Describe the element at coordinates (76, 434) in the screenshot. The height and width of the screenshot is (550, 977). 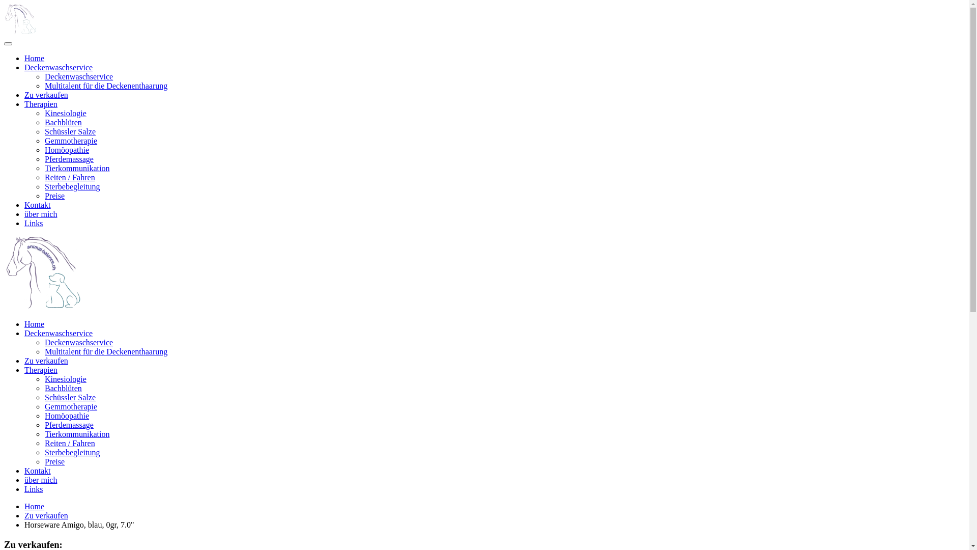
I see `'Tierkommunikation'` at that location.